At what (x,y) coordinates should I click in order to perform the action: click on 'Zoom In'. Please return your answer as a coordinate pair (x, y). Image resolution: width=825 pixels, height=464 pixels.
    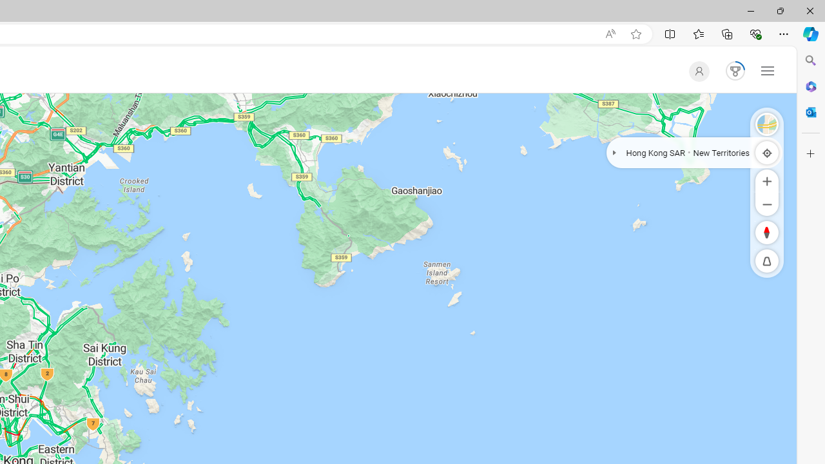
    Looking at the image, I should click on (767, 180).